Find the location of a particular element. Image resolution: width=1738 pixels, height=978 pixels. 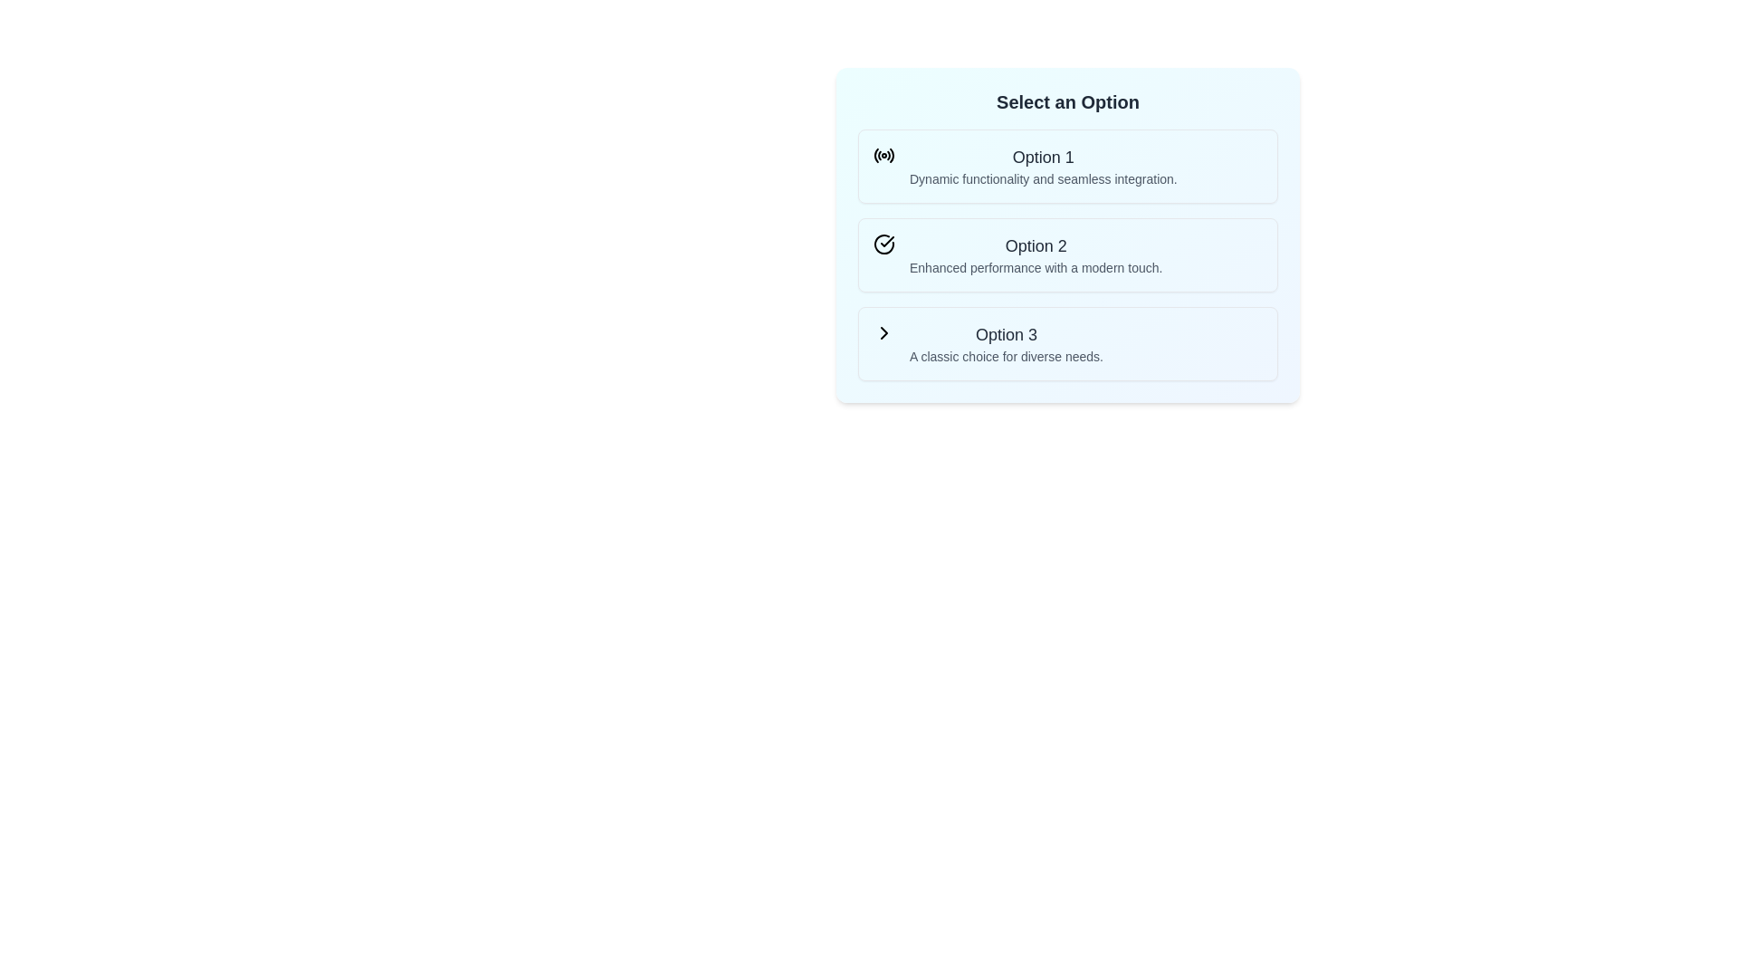

the small triangular right-pointing Arrow icon, which is located to the right of the third labeled entry 'Option 3' in a vertically-stacked group of options is located at coordinates (884, 332).